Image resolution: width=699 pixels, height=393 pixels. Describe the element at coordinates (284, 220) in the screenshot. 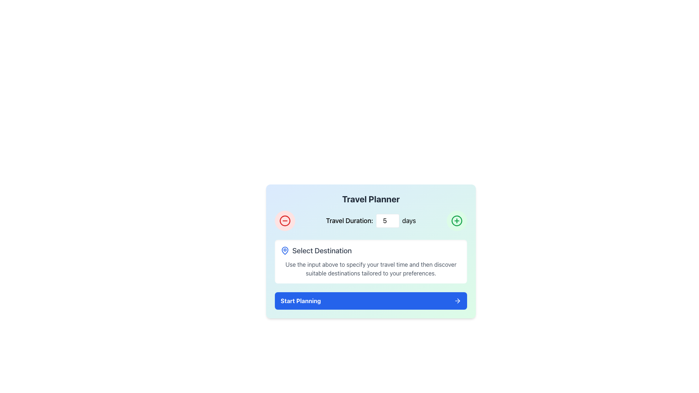

I see `the circular red outlined button with a minus symbol, located at the top left of the 'Travel Planner' card interface to decrement the value` at that location.